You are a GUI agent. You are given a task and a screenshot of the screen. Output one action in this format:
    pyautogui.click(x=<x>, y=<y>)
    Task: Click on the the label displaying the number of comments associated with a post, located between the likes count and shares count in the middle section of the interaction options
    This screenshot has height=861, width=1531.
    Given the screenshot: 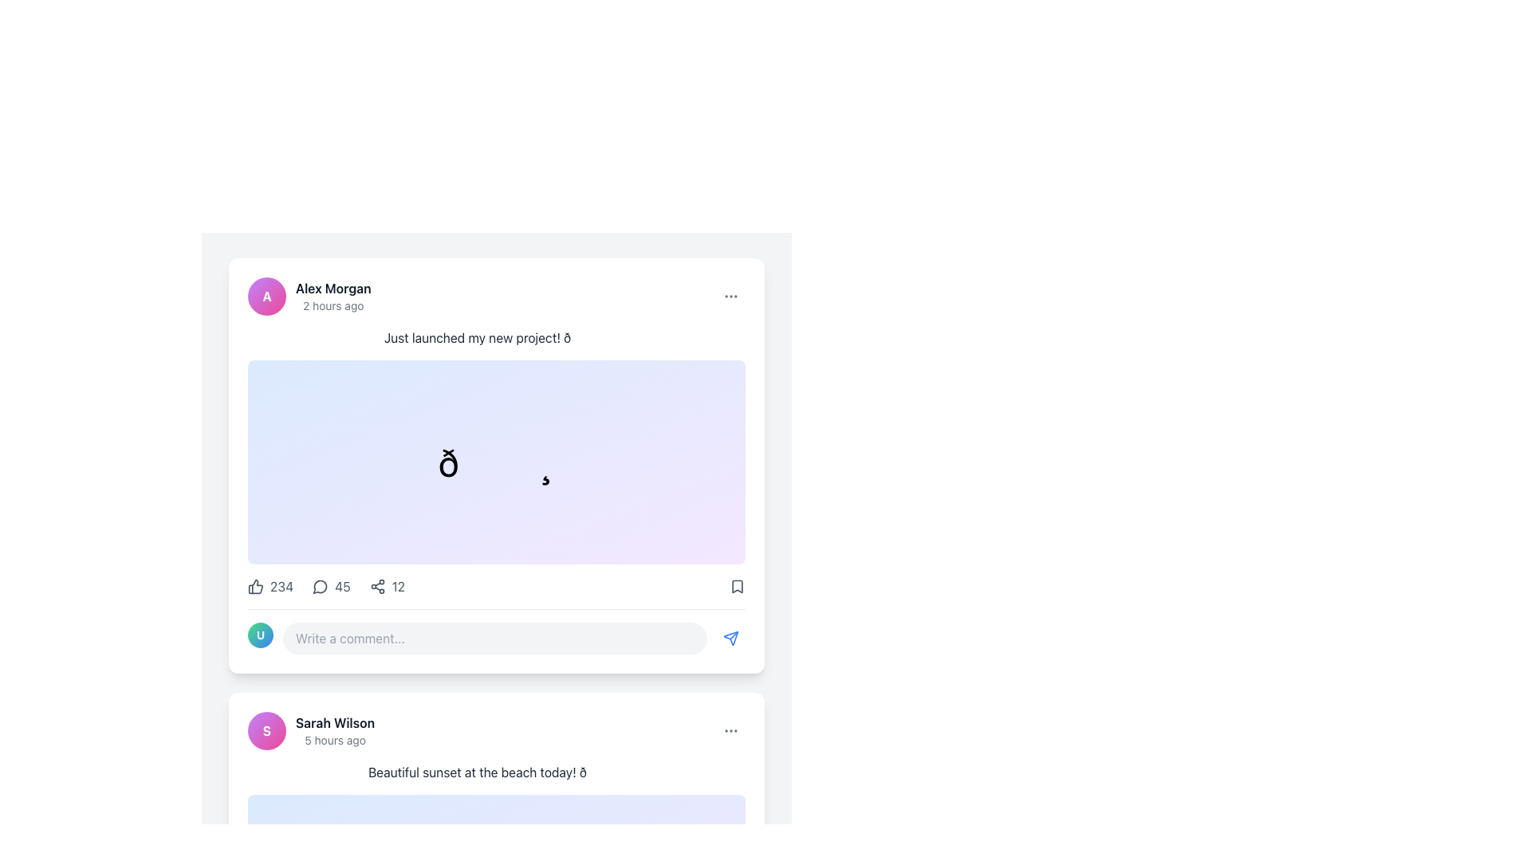 What is the action you would take?
    pyautogui.click(x=325, y=587)
    